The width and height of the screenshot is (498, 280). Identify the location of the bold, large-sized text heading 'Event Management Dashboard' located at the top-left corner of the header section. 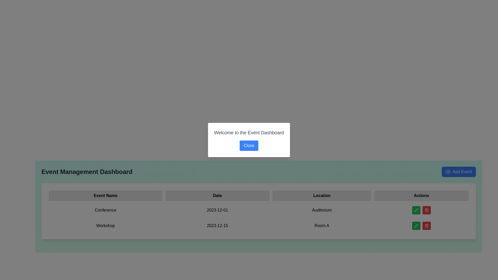
(87, 172).